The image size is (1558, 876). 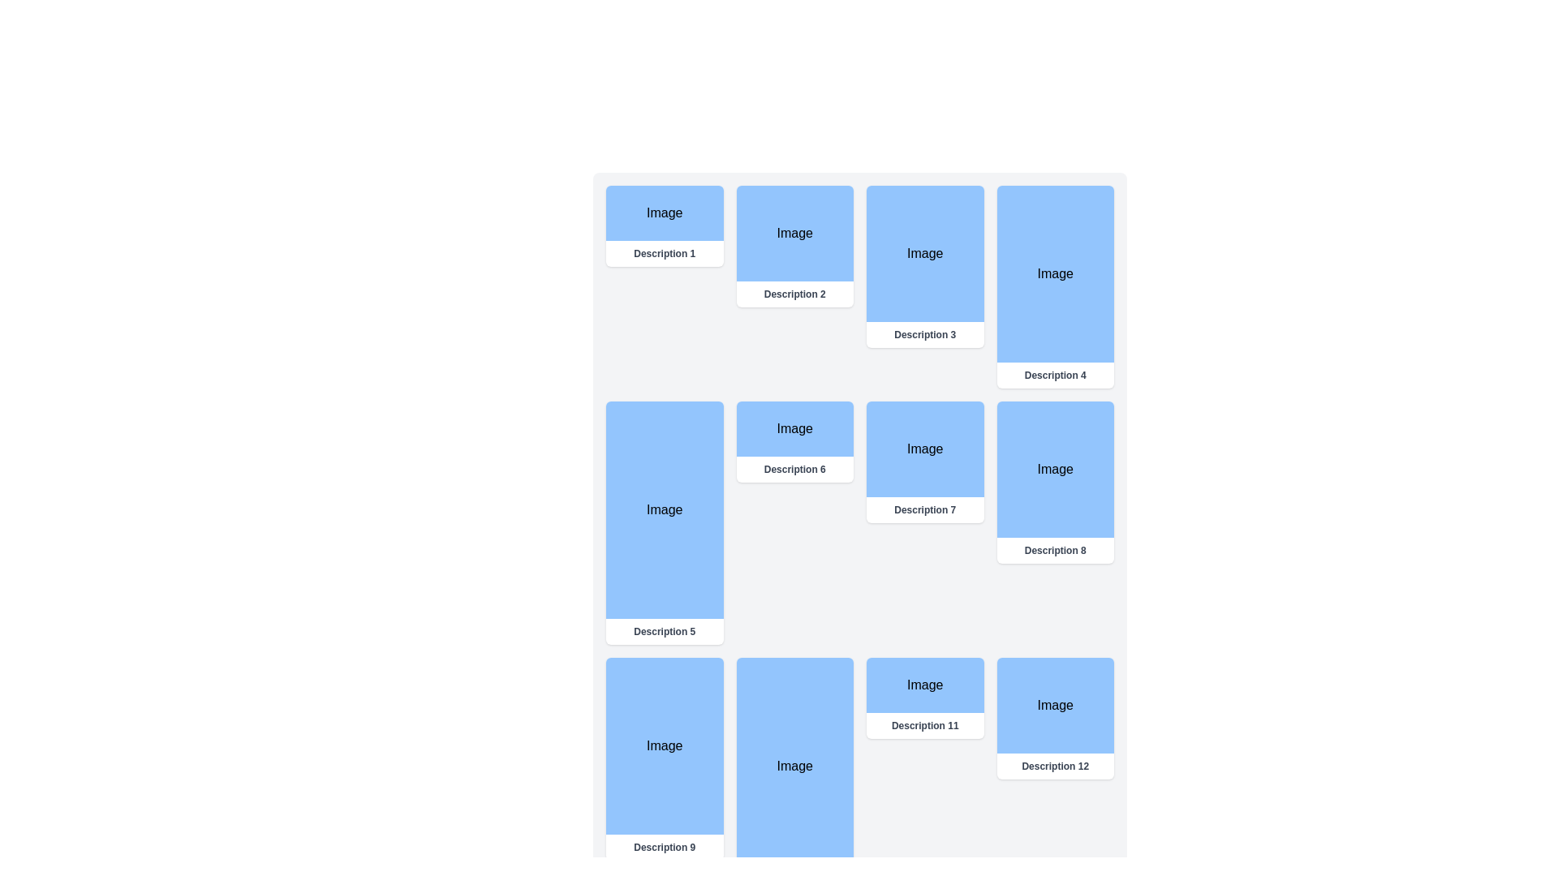 What do you see at coordinates (665, 847) in the screenshot?
I see `the text label displaying 'Description 9' which is styled in bold grayish color and positioned under an image in the grid layout` at bounding box center [665, 847].